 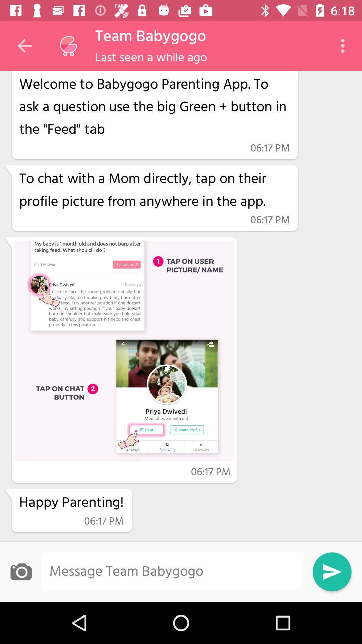 I want to click on the hi app crawler item, so click(x=155, y=105).